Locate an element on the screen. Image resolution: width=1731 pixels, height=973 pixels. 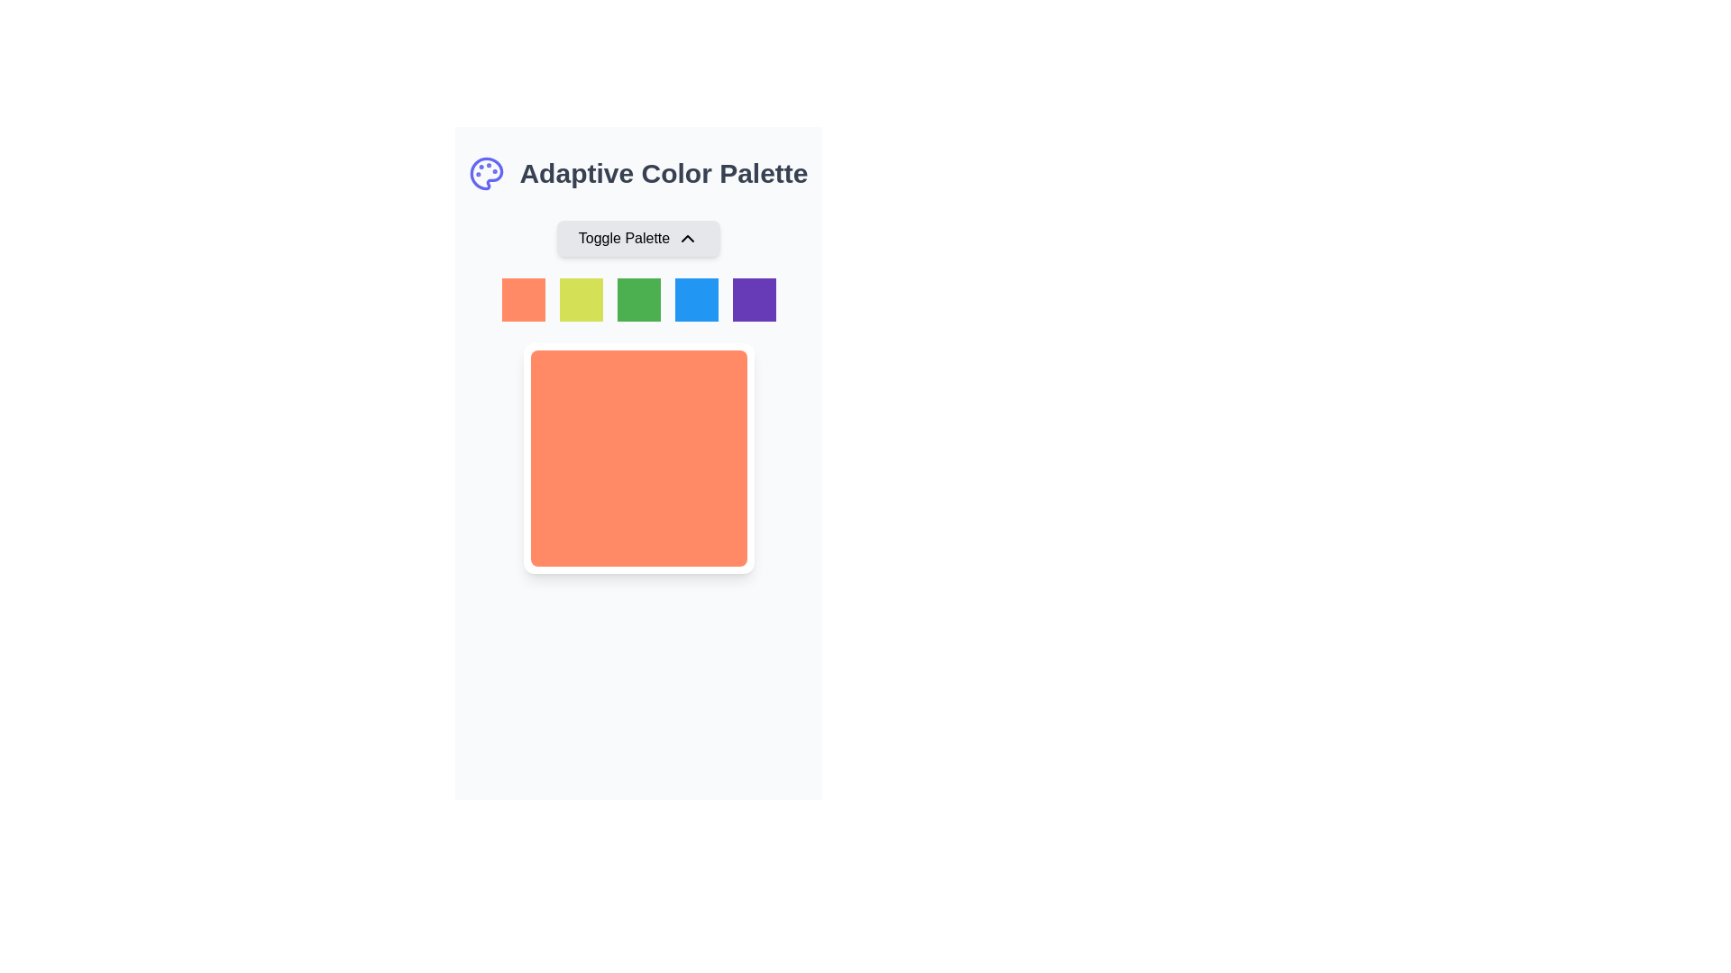
the fifth colorful block button located under the 'Adaptive Color Palette' title is located at coordinates (754, 298).